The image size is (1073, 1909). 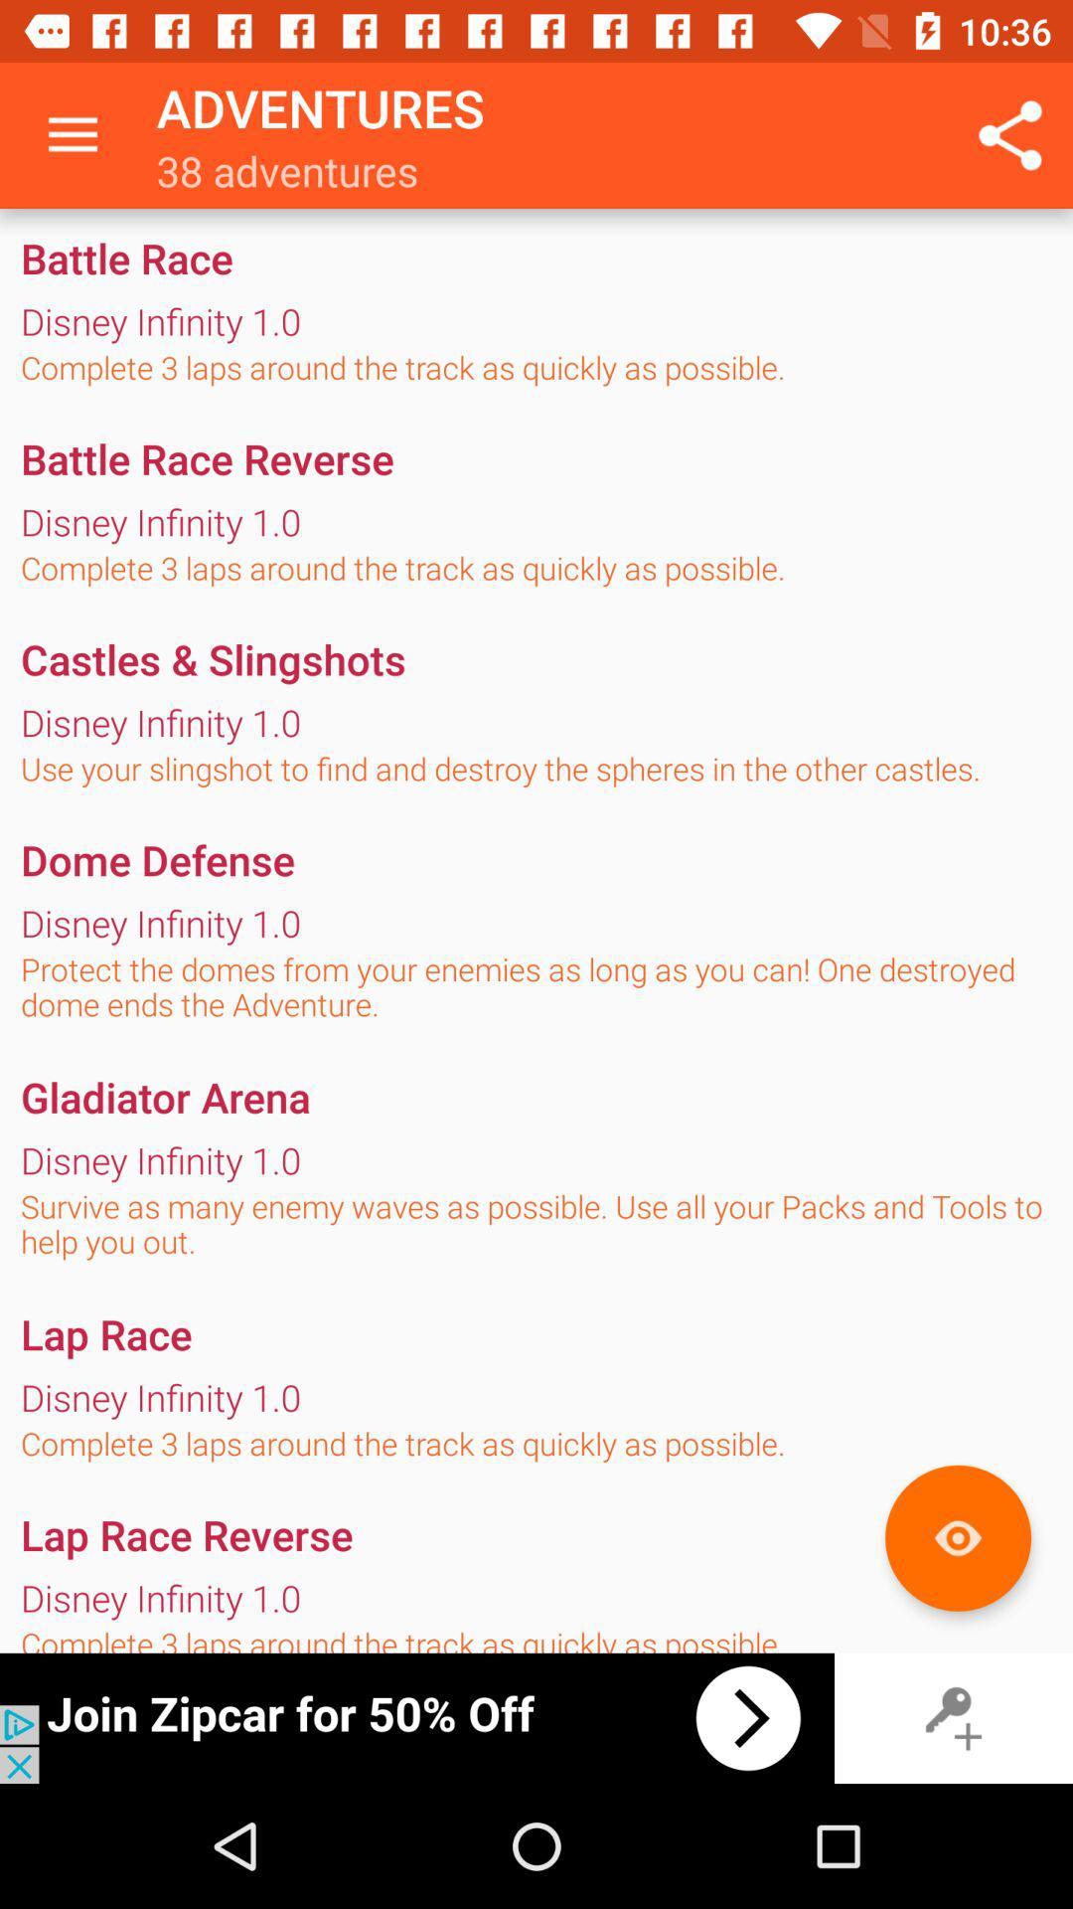 What do you see at coordinates (957, 1537) in the screenshot?
I see `location` at bounding box center [957, 1537].